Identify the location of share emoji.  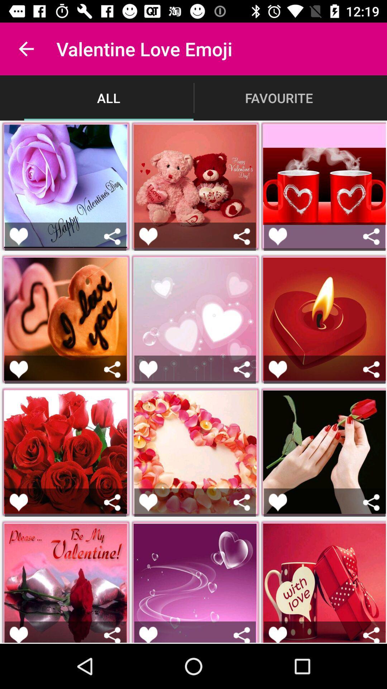
(242, 502).